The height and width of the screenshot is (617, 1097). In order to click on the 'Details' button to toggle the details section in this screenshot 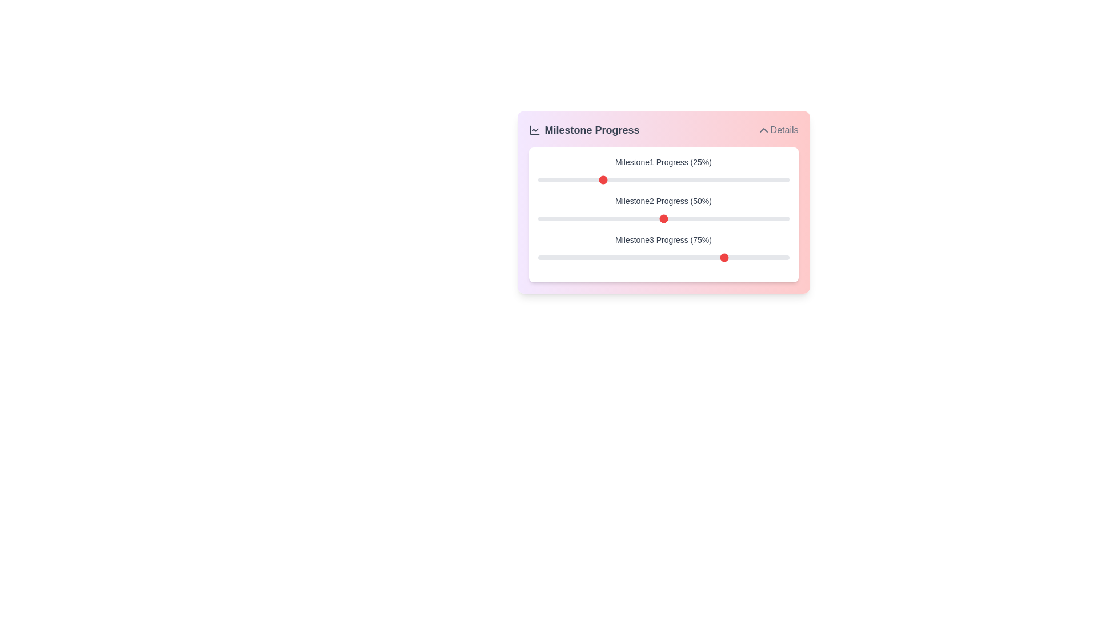, I will do `click(777, 129)`.